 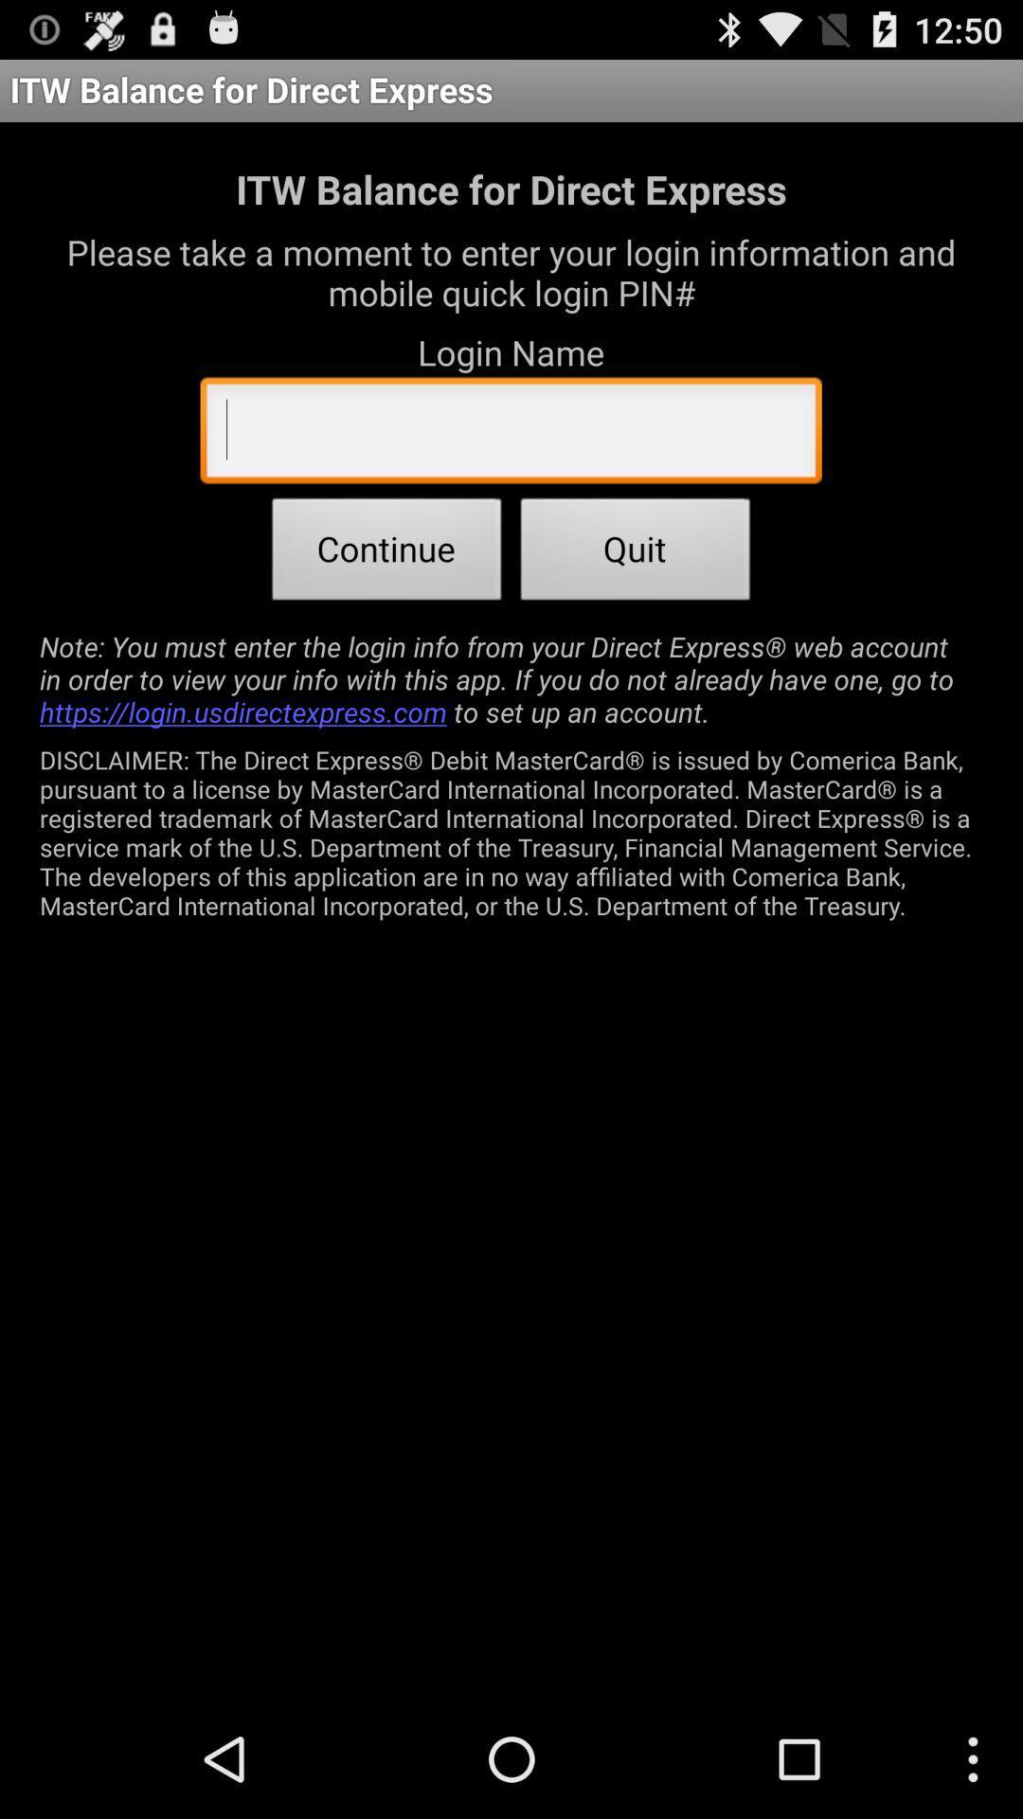 I want to click on quit icon, so click(x=636, y=553).